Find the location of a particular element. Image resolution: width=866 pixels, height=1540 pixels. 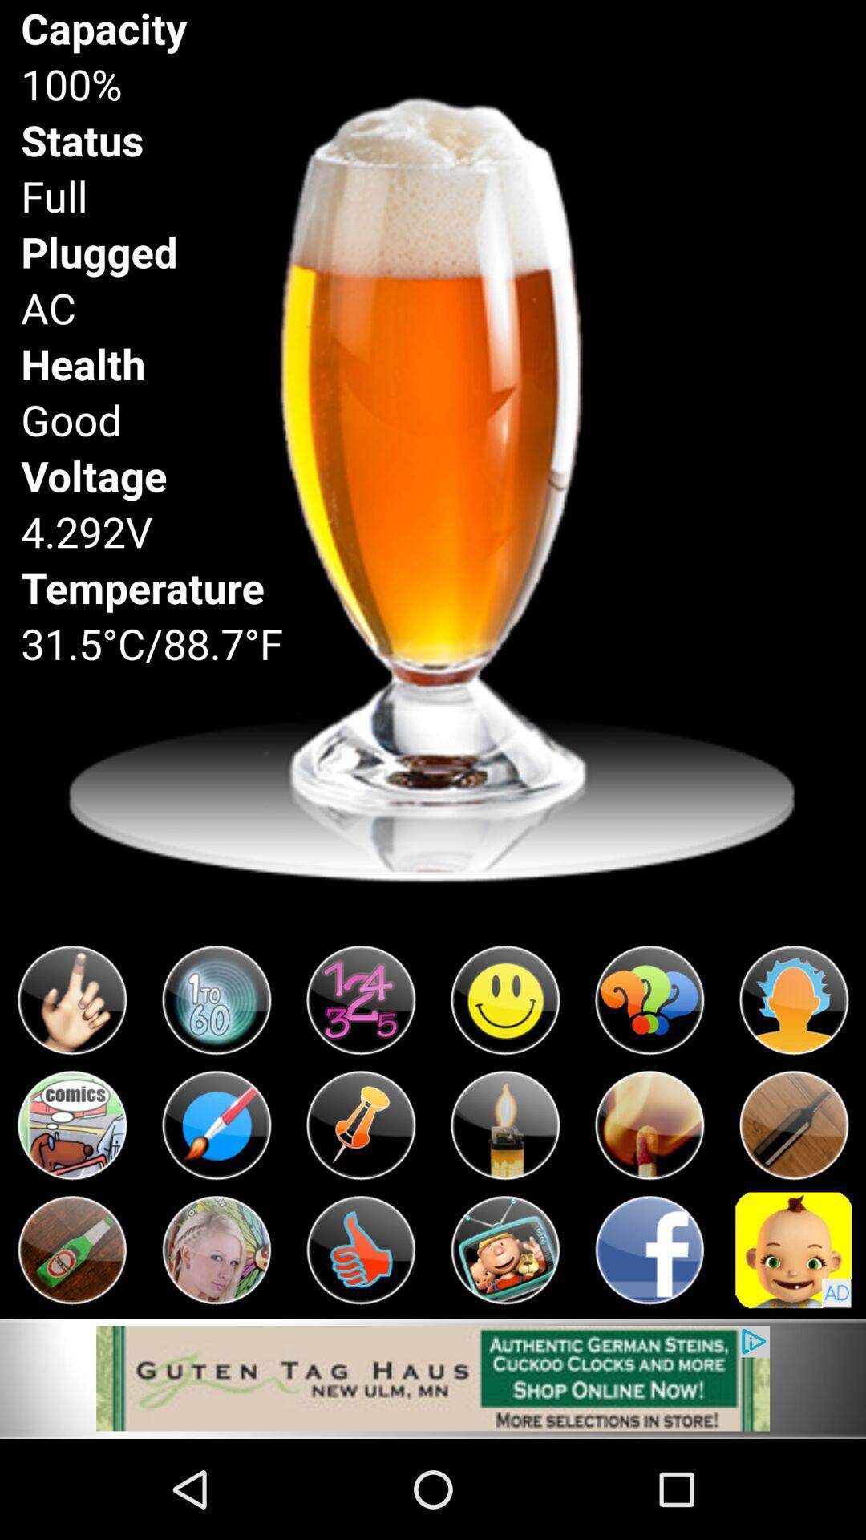

the emoji icon is located at coordinates (504, 1070).